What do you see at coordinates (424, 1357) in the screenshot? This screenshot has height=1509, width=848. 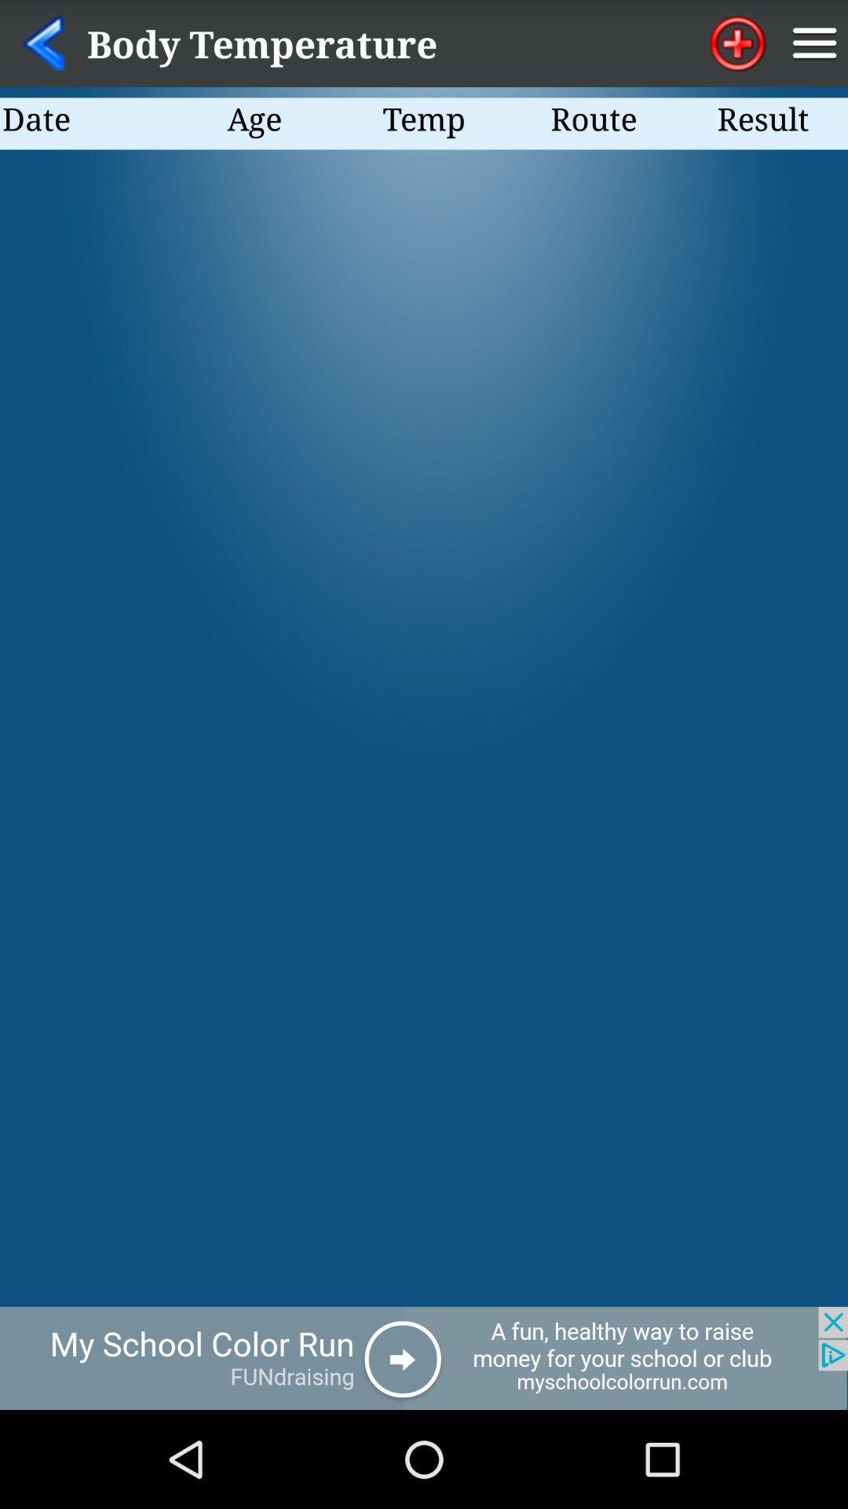 I see `go back` at bounding box center [424, 1357].